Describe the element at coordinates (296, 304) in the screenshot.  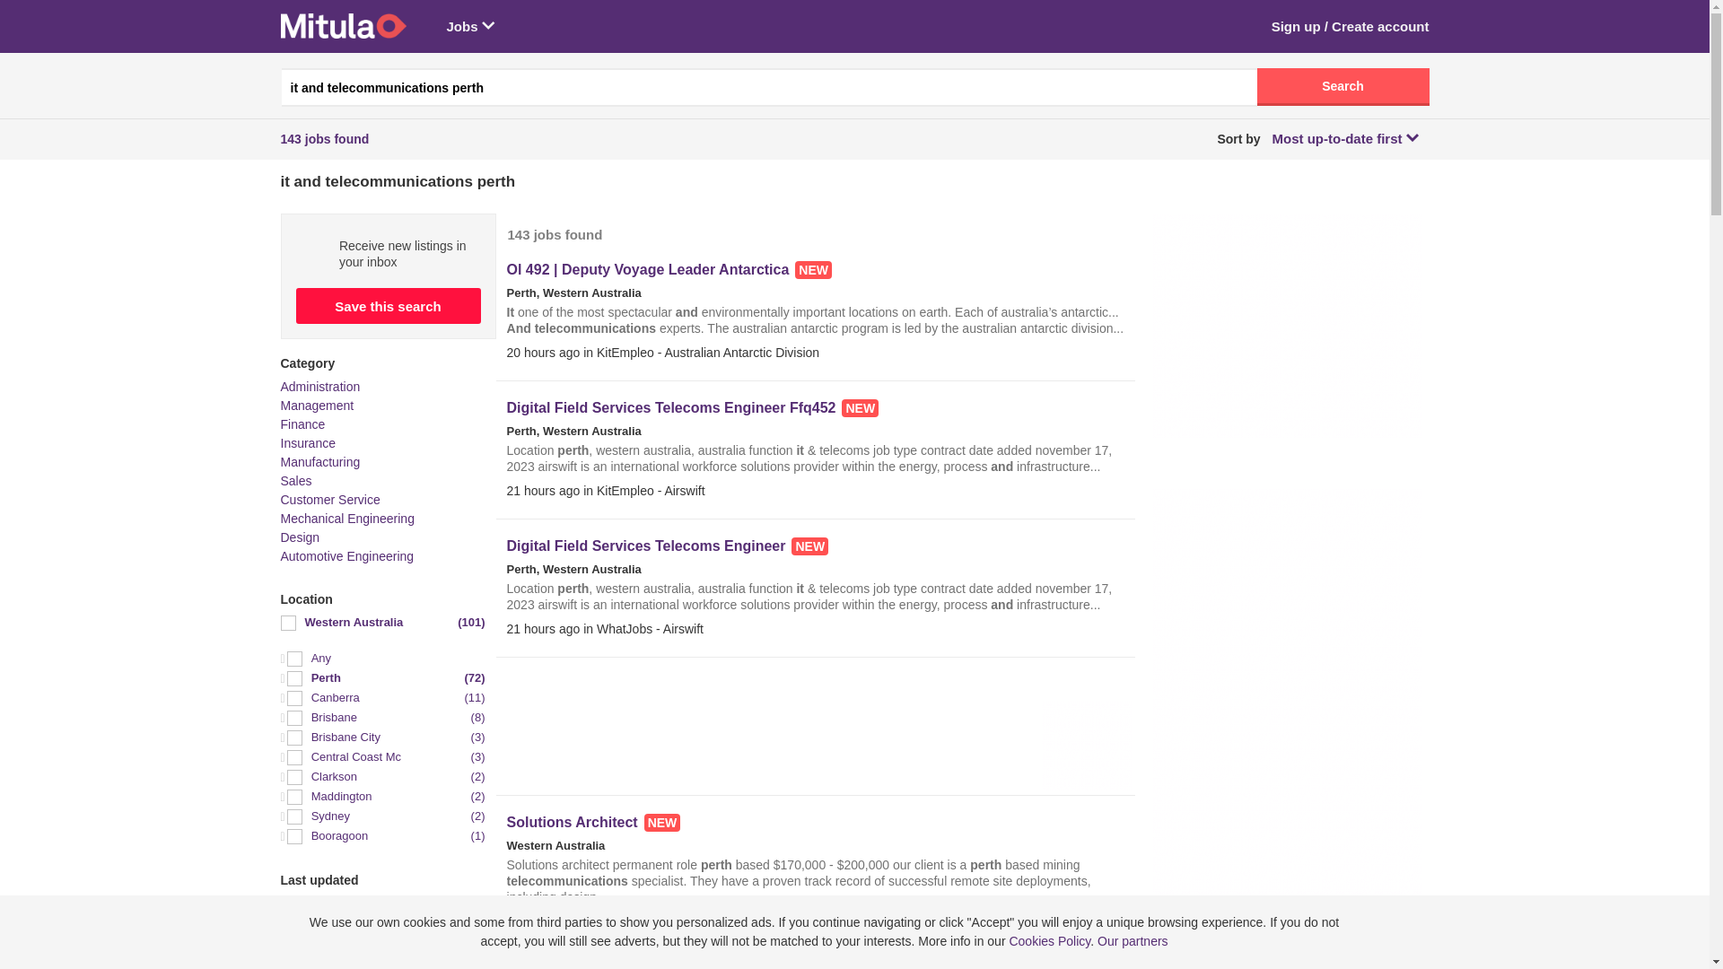
I see `'Save this search'` at that location.